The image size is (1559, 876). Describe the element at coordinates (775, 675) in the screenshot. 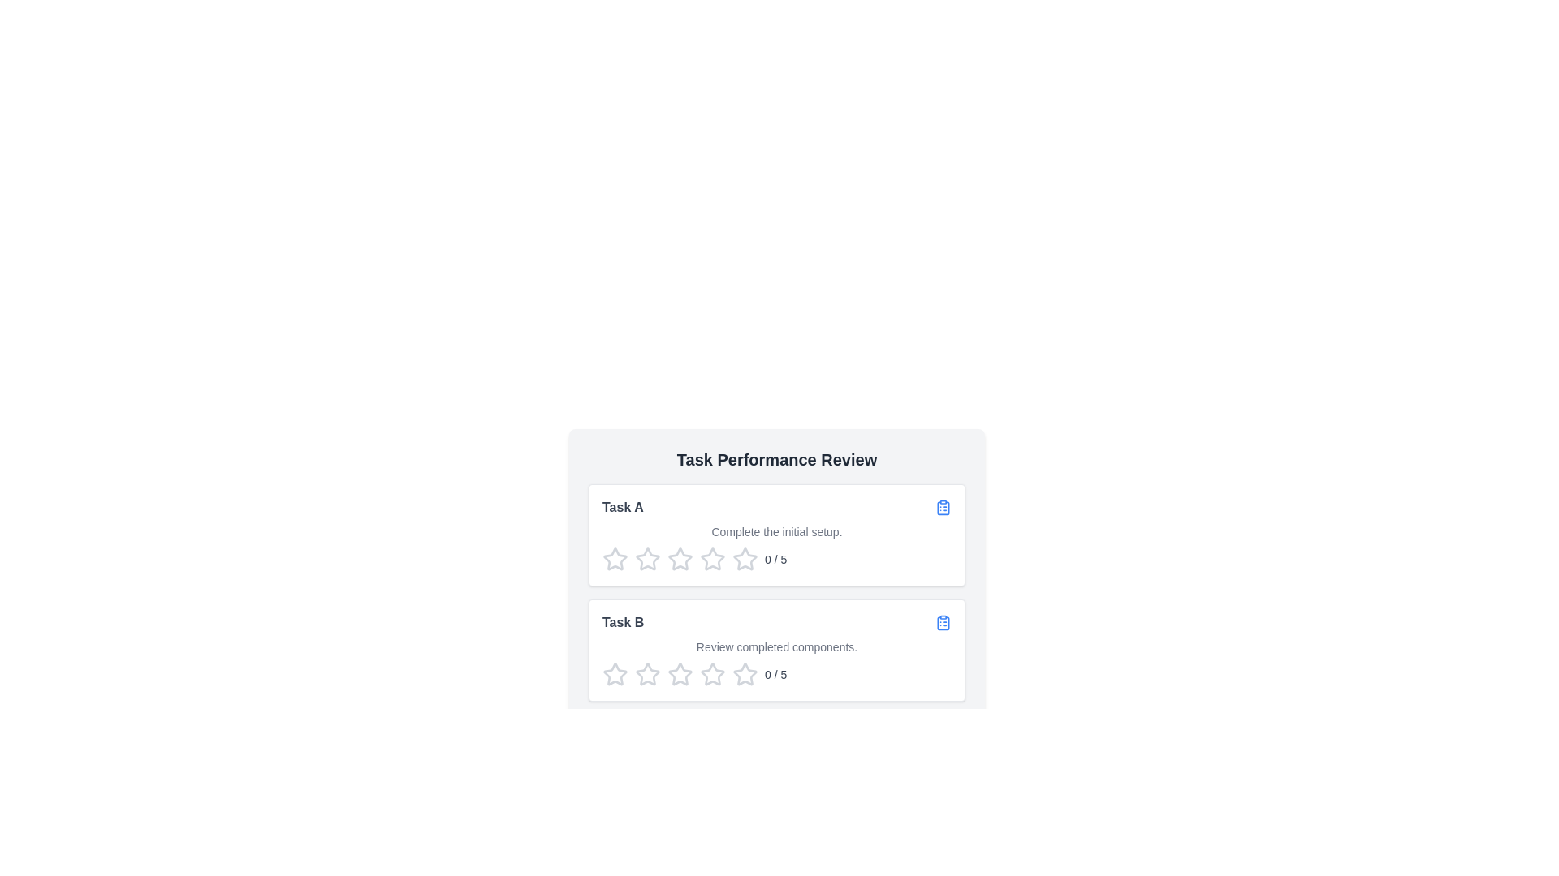

I see `the Text Label that displays the rating score out of 5 located in the bottom section of the 'Task Performance Review' panel under 'Task B', to the right of the star icons` at that location.